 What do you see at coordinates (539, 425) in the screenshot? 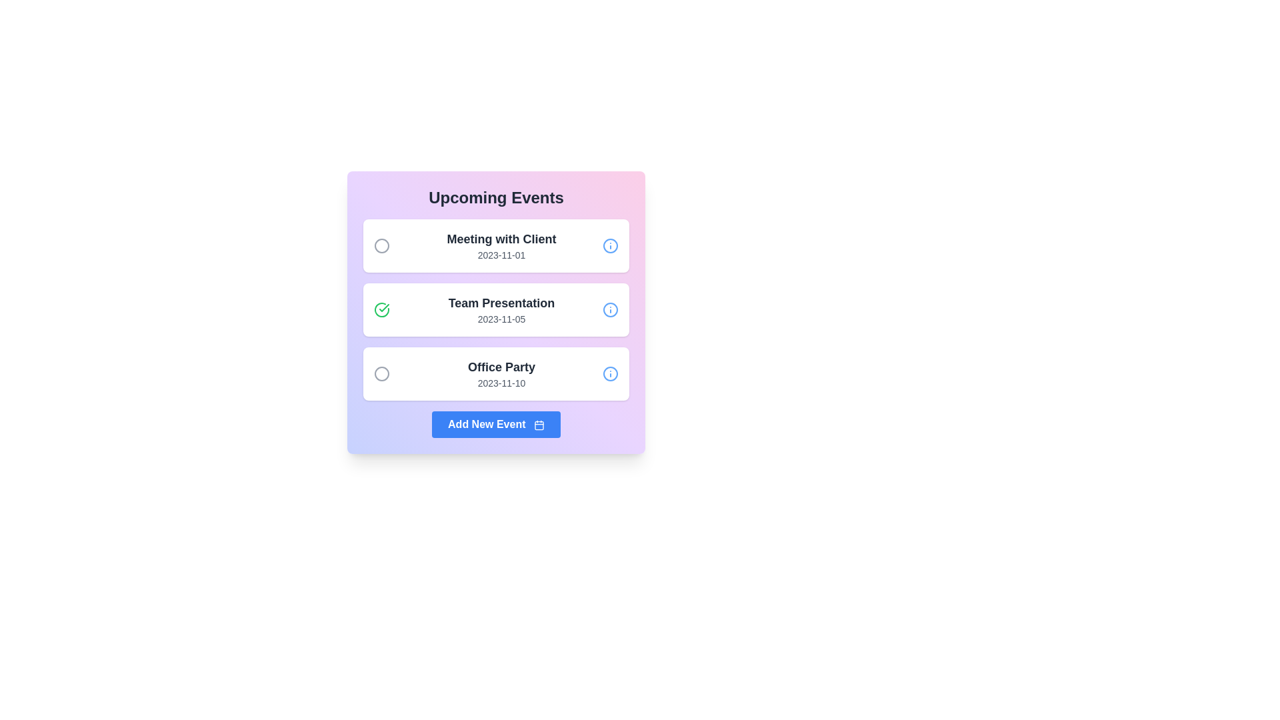
I see `the calendar icon located at the rightmost end of the 'Add New Event' button, which features a blue background and line art design` at bounding box center [539, 425].